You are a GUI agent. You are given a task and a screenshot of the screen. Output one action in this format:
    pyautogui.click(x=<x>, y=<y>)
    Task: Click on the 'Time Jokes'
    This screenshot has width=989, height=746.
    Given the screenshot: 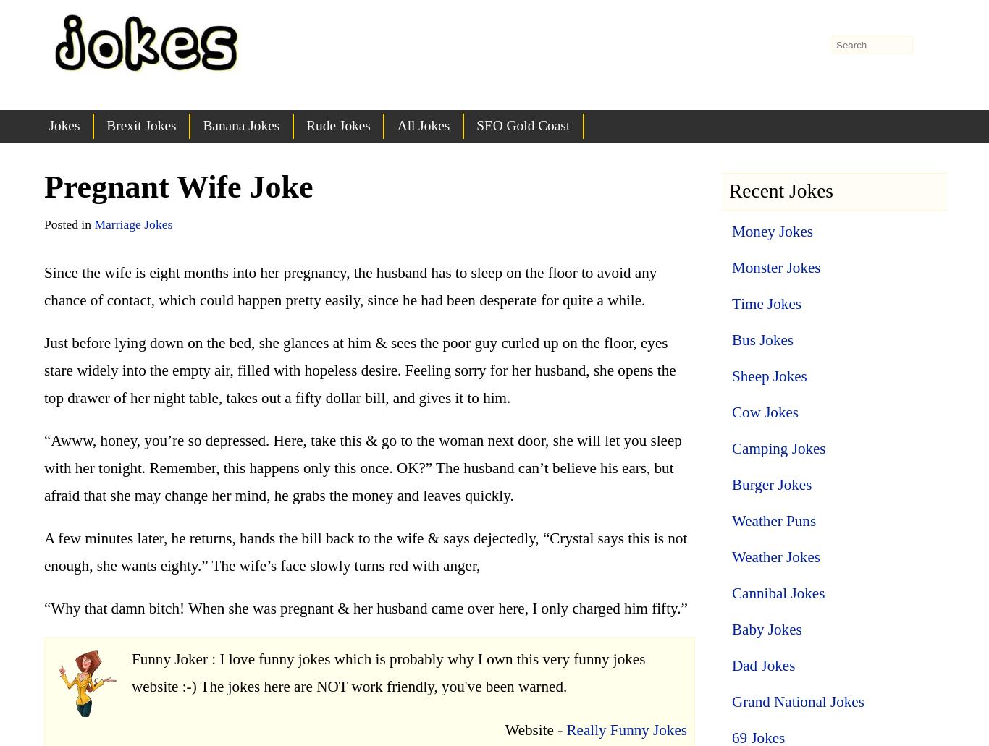 What is the action you would take?
    pyautogui.click(x=766, y=302)
    